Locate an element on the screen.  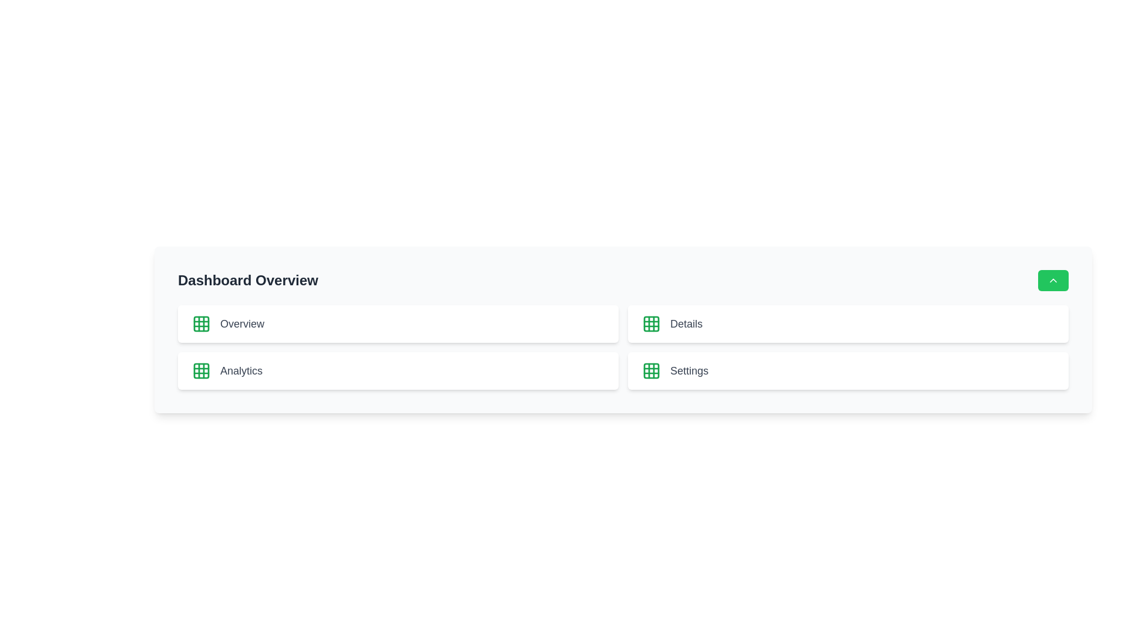
the green grid-shaped icon located to the left of the 'Overview' text within the 'Overview' card, aligning horizontally with the label is located at coordinates (201, 323).